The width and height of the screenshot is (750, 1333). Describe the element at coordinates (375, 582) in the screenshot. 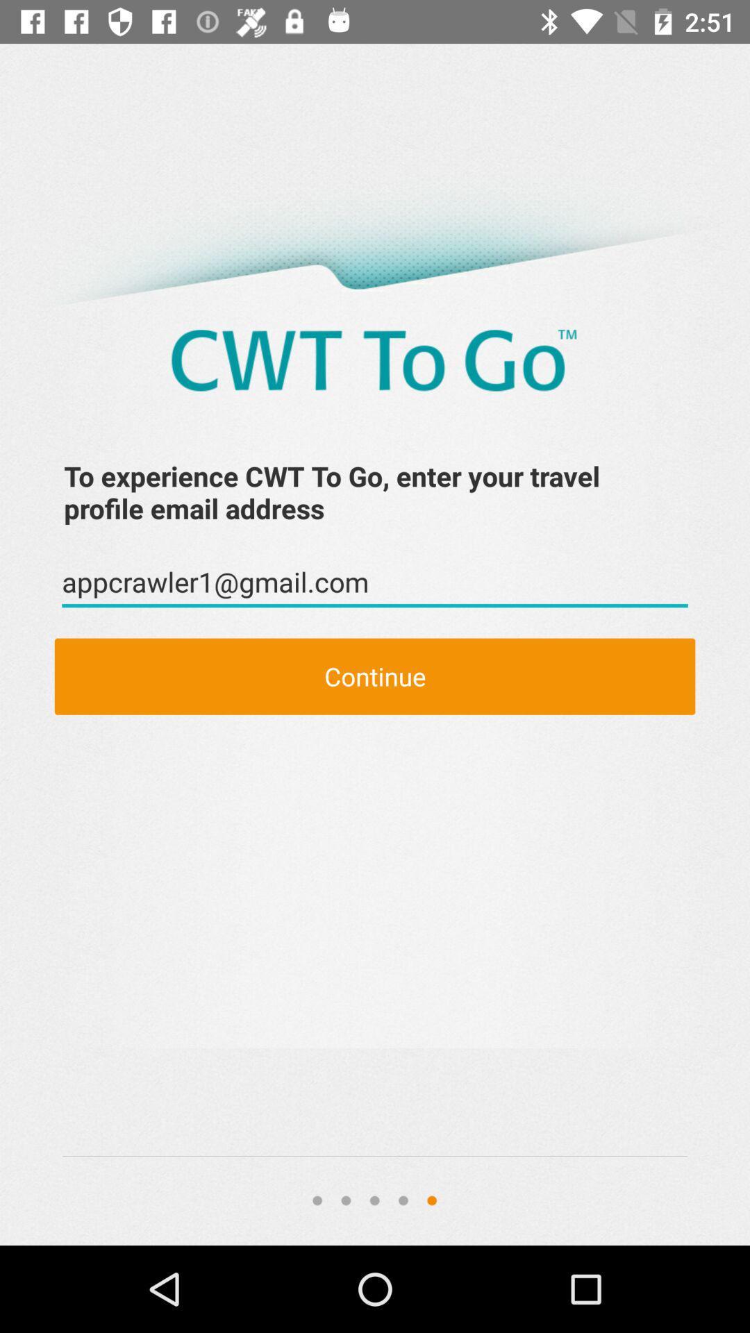

I see `the appcrawler1@gmail.com` at that location.